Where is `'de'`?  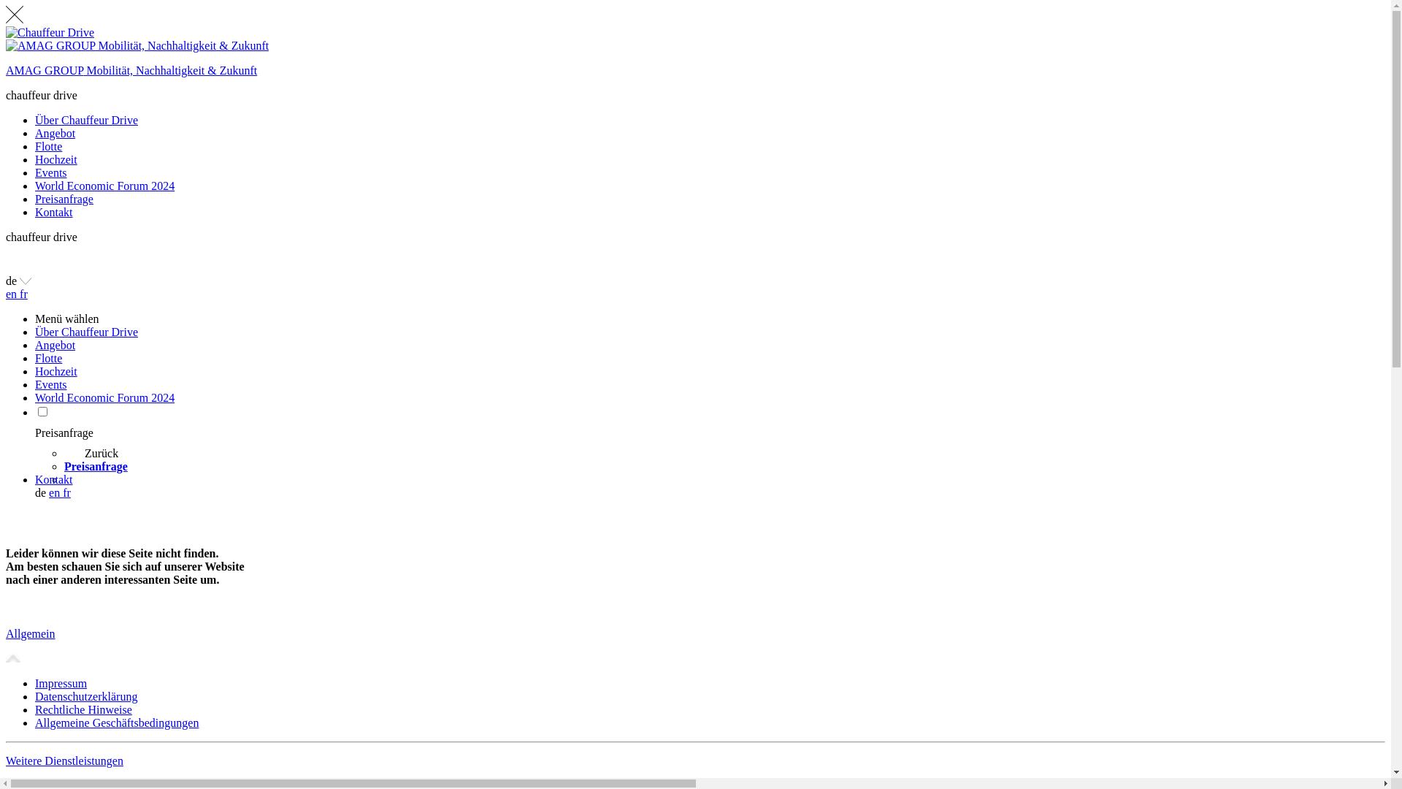 'de' is located at coordinates (18, 281).